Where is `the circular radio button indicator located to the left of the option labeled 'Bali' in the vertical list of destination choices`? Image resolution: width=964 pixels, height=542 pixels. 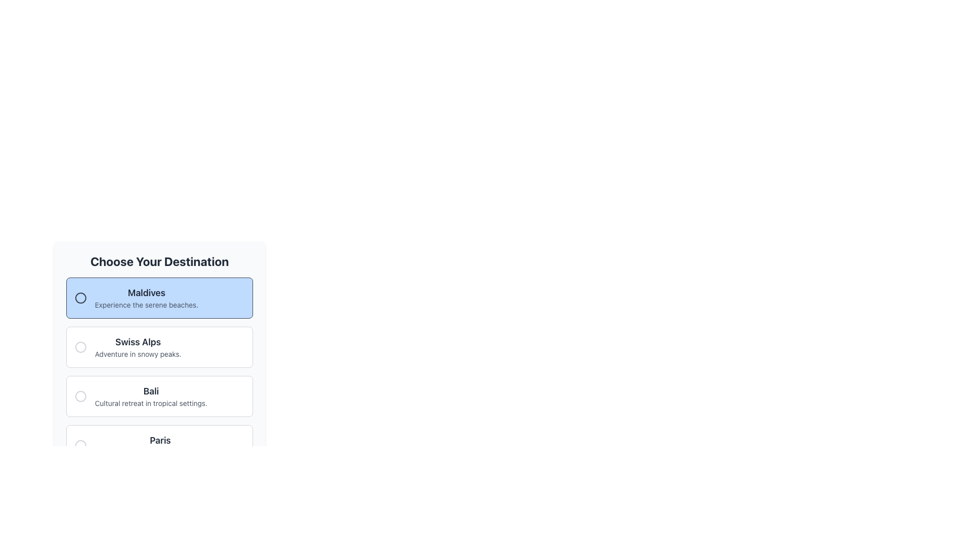 the circular radio button indicator located to the left of the option labeled 'Bali' in the vertical list of destination choices is located at coordinates (81, 396).